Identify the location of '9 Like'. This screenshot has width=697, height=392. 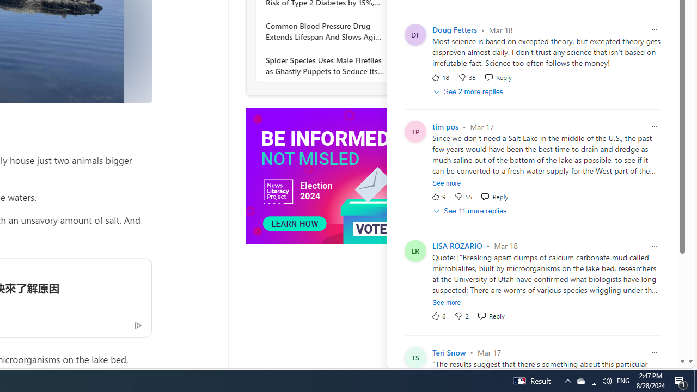
(438, 197).